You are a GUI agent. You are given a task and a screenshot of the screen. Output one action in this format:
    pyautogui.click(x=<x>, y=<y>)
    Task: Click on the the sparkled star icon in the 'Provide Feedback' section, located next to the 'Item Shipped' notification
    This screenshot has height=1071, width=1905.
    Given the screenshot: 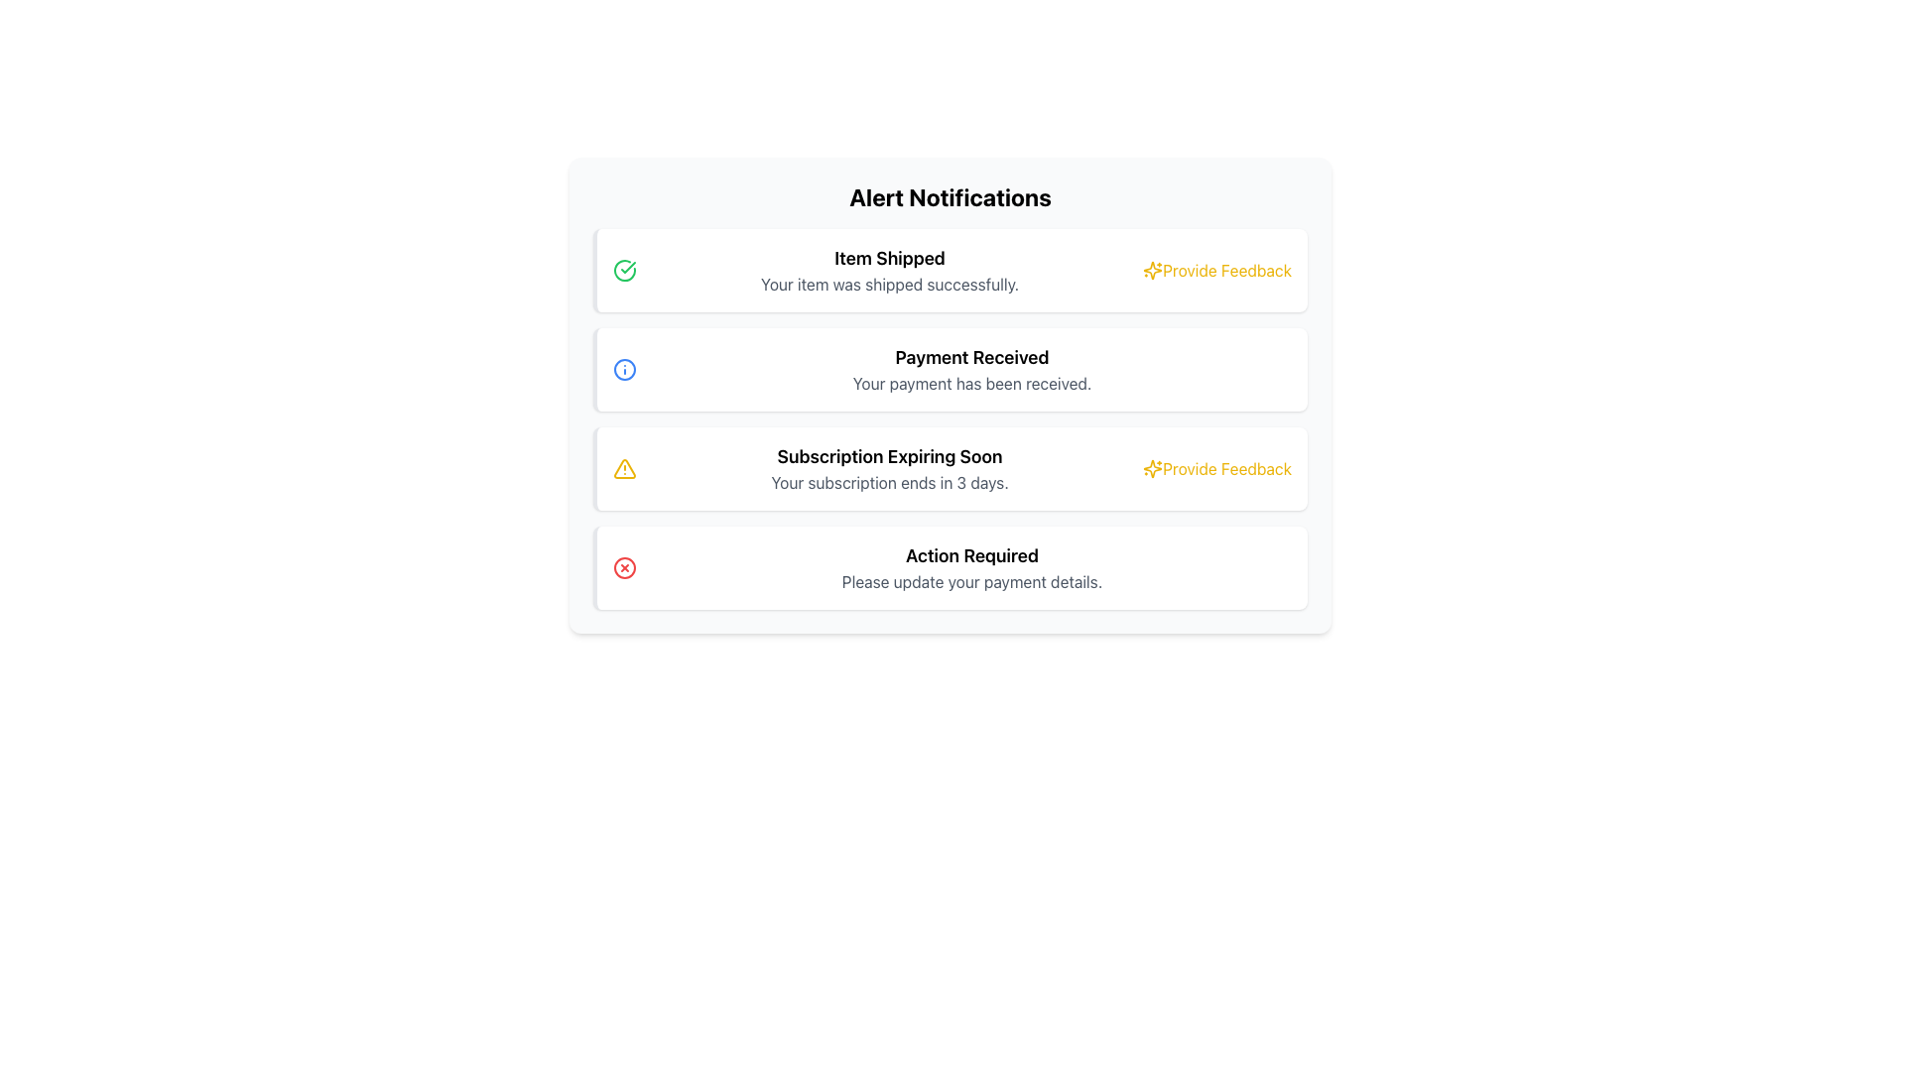 What is the action you would take?
    pyautogui.click(x=1153, y=469)
    